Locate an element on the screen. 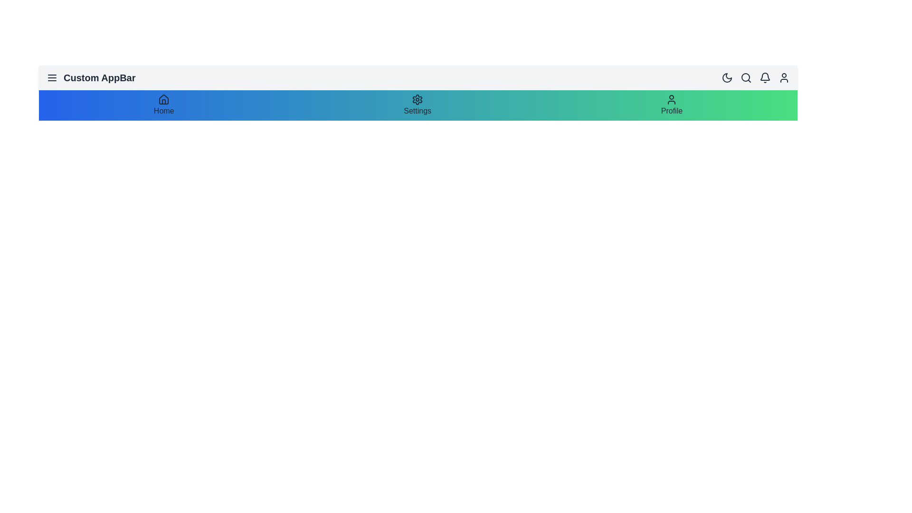 Image resolution: width=912 pixels, height=513 pixels. the user profile icon in the app bar is located at coordinates (784, 77).